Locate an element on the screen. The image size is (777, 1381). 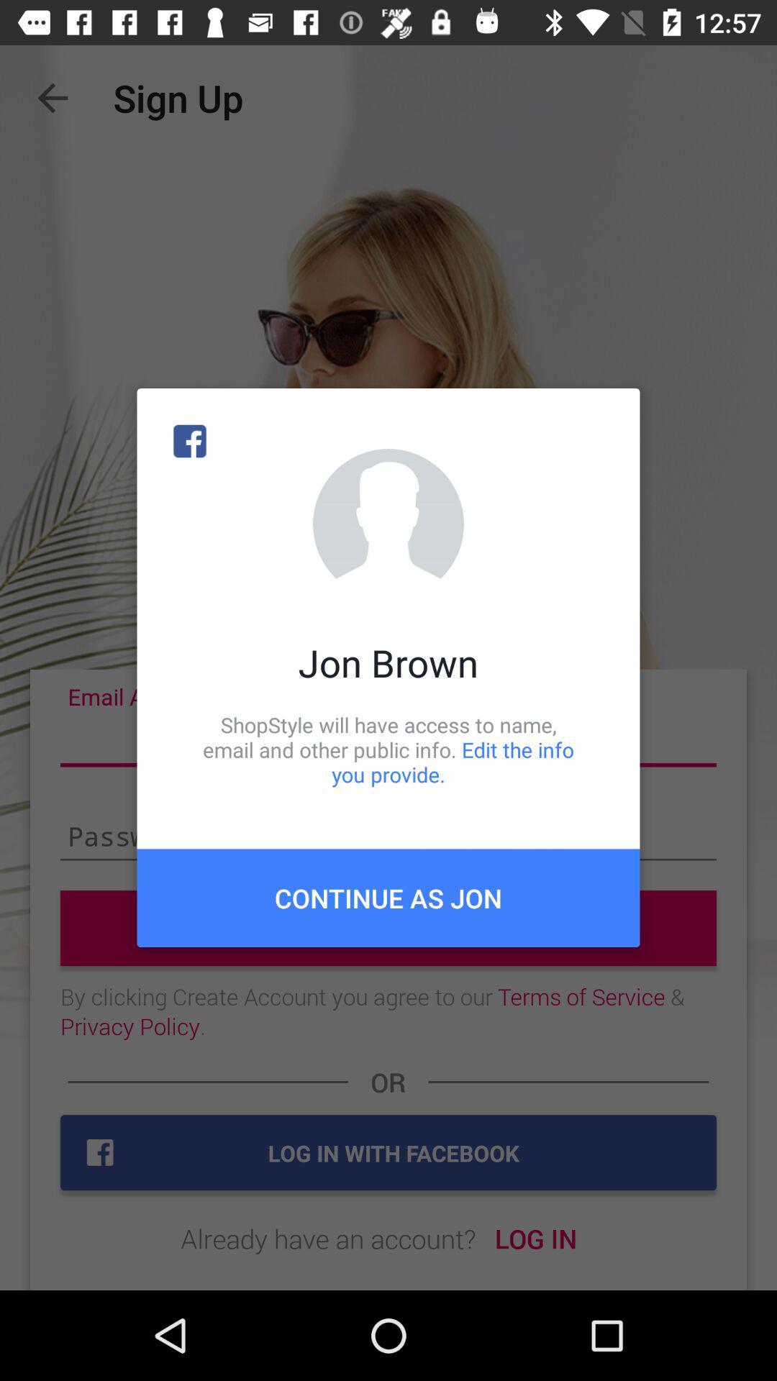
icon below the shopstyle will have item is located at coordinates (388, 897).